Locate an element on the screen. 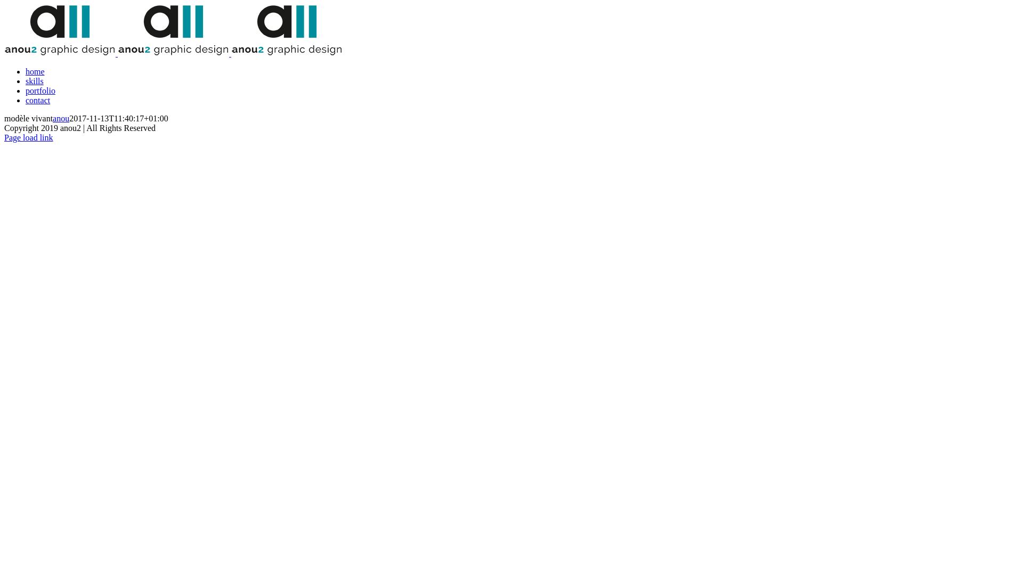 The width and height of the screenshot is (1023, 575). 'home' is located at coordinates (35, 71).